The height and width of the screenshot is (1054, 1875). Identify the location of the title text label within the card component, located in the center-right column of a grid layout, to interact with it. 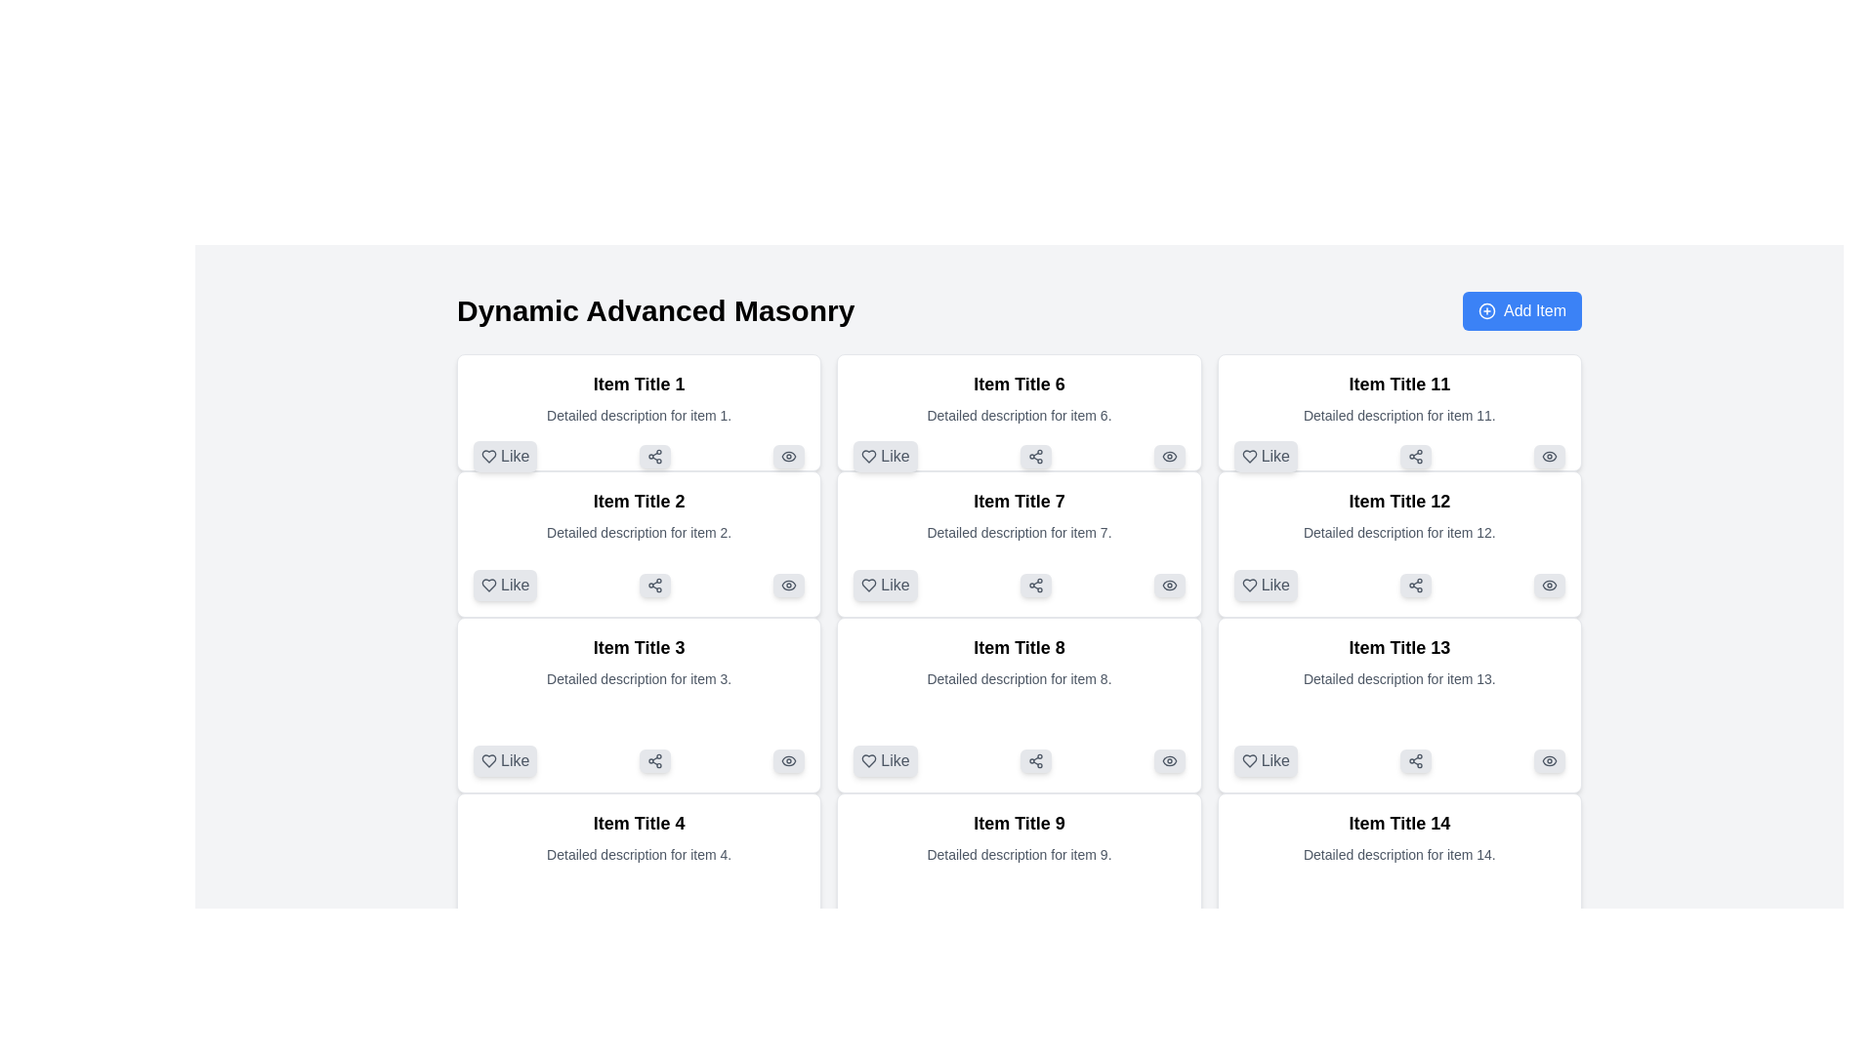
(1018, 824).